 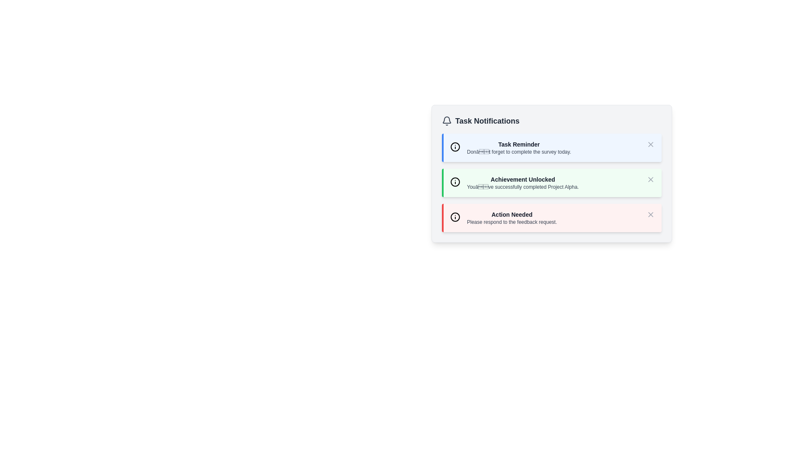 What do you see at coordinates (487, 121) in the screenshot?
I see `text 'Task Notifications' from the bold text block positioned beside the bell icon` at bounding box center [487, 121].